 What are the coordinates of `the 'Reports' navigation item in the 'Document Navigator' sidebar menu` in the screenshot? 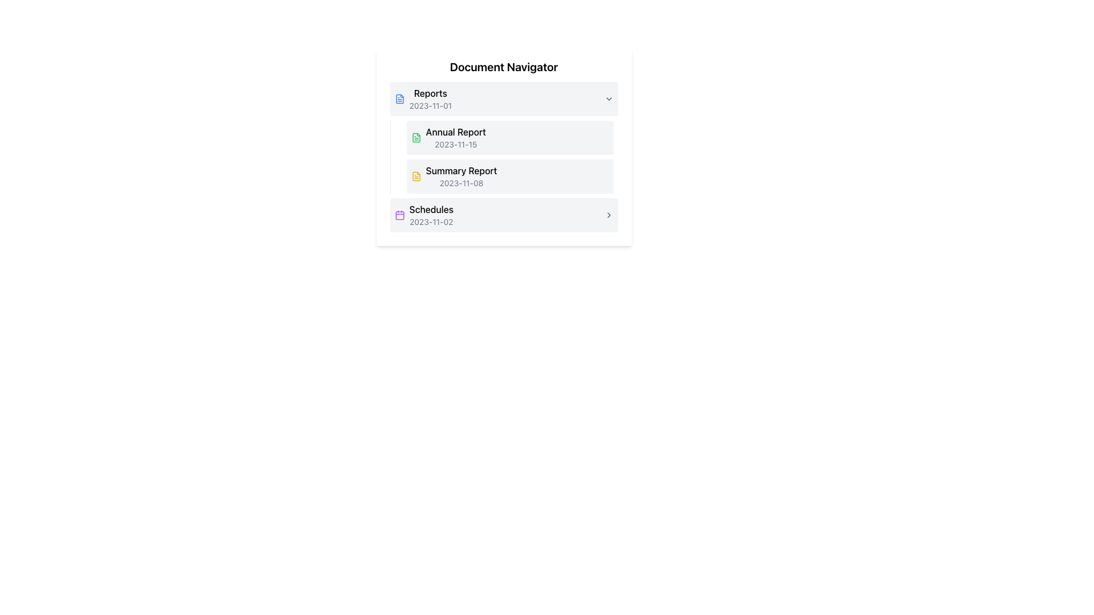 It's located at (430, 98).